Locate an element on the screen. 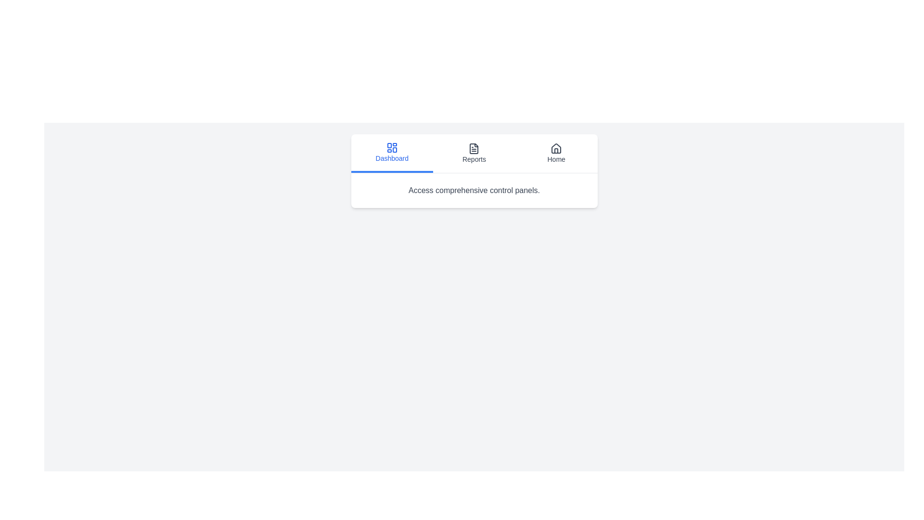 The image size is (924, 520). the tab labeled Reports is located at coordinates (474, 153).